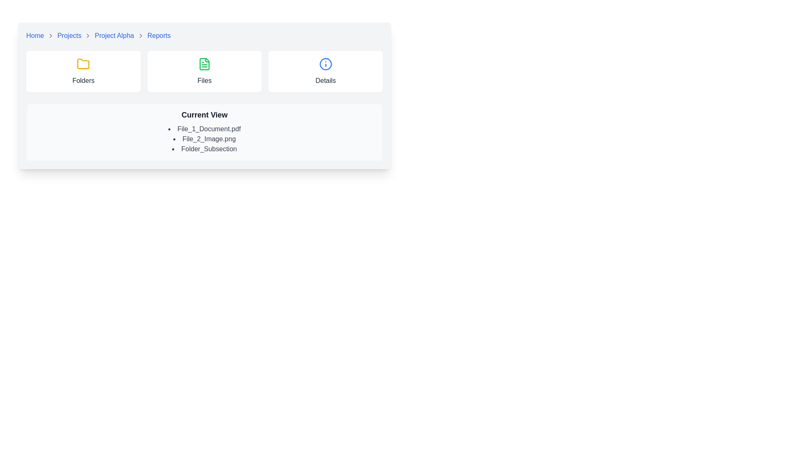 Image resolution: width=800 pixels, height=450 pixels. What do you see at coordinates (69, 35) in the screenshot?
I see `the second clickable item in the breadcrumb navigation bar` at bounding box center [69, 35].